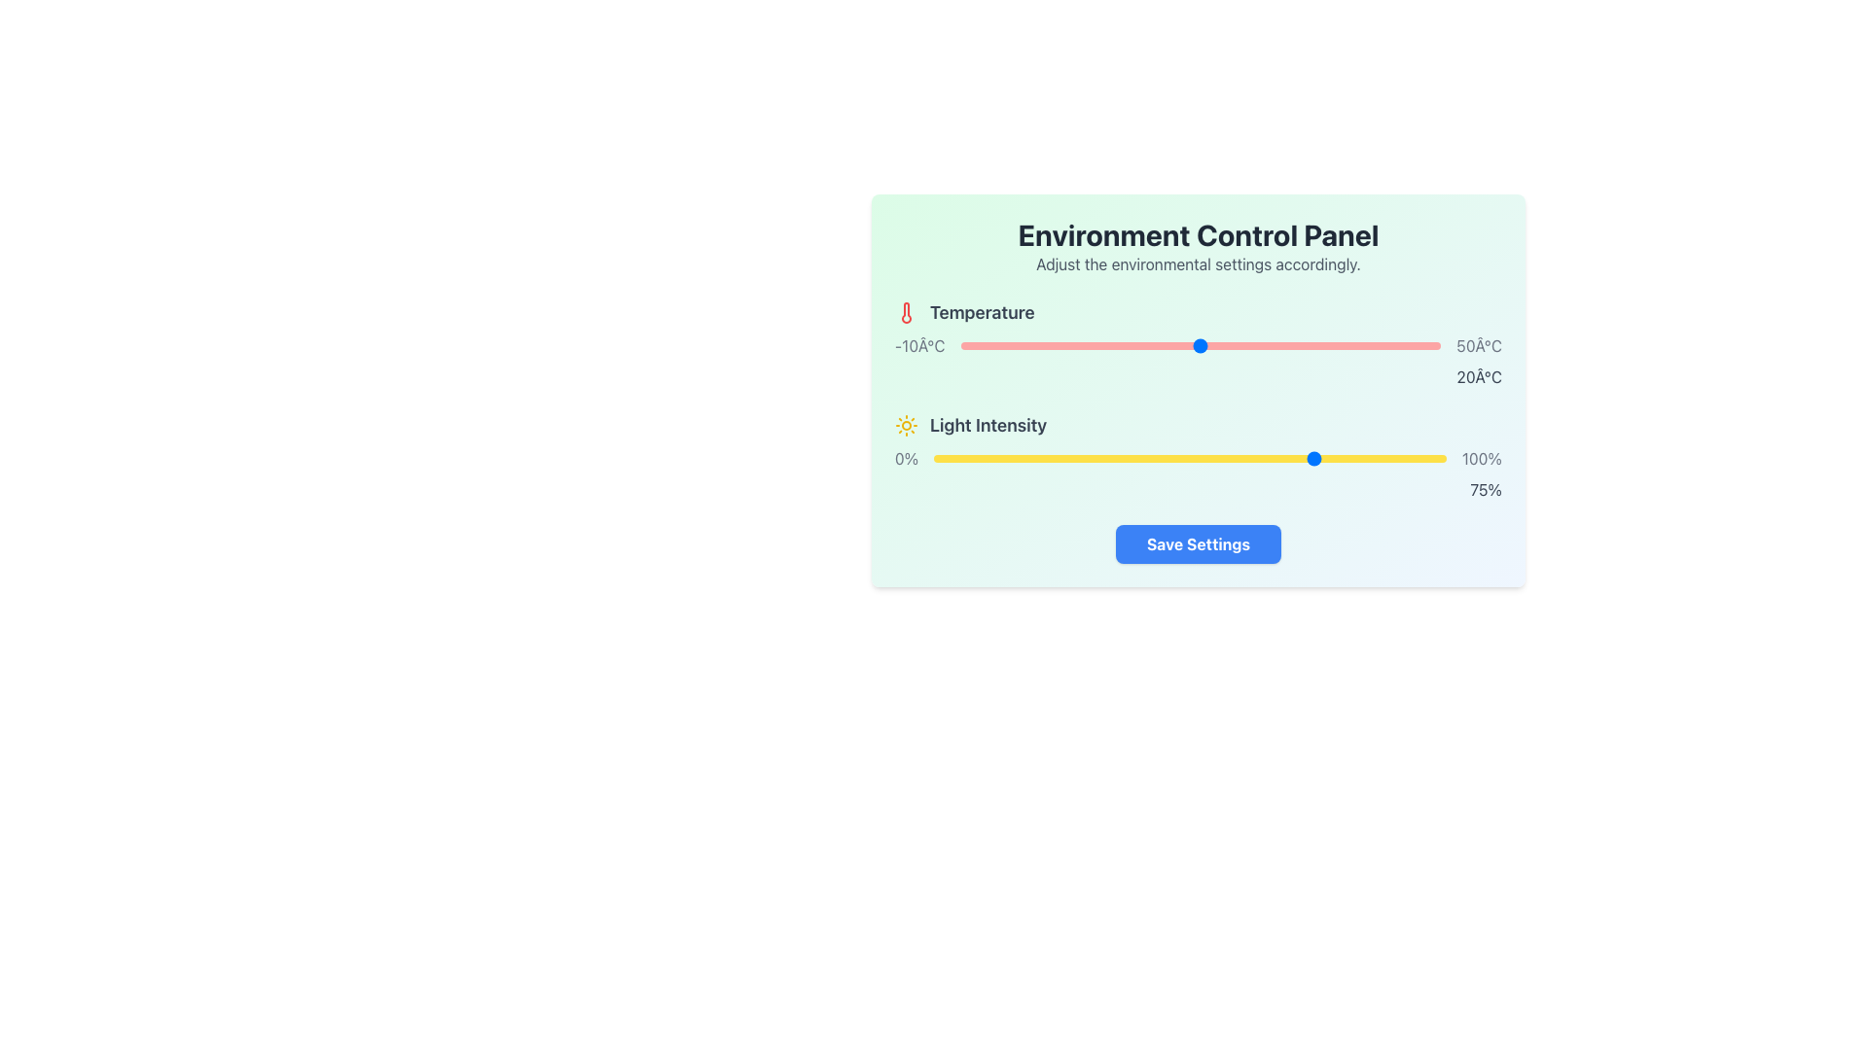 This screenshot has width=1868, height=1050. Describe the element at coordinates (1056, 458) in the screenshot. I see `light intensity` at that location.